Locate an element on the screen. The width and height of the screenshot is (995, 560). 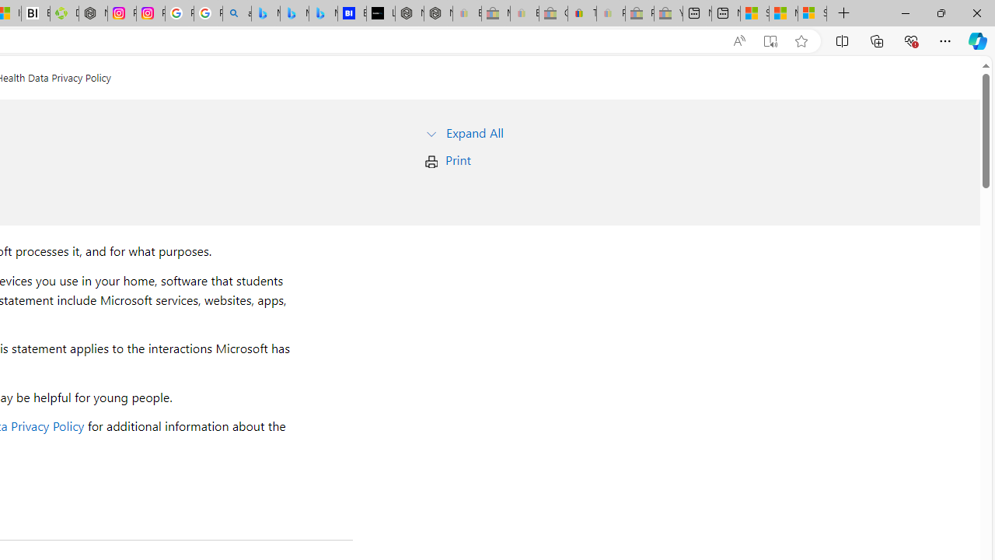
'Nordace - Nordace Edin Collection' is located at coordinates (93, 13).